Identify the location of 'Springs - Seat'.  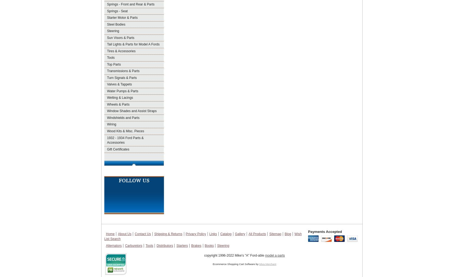
(117, 11).